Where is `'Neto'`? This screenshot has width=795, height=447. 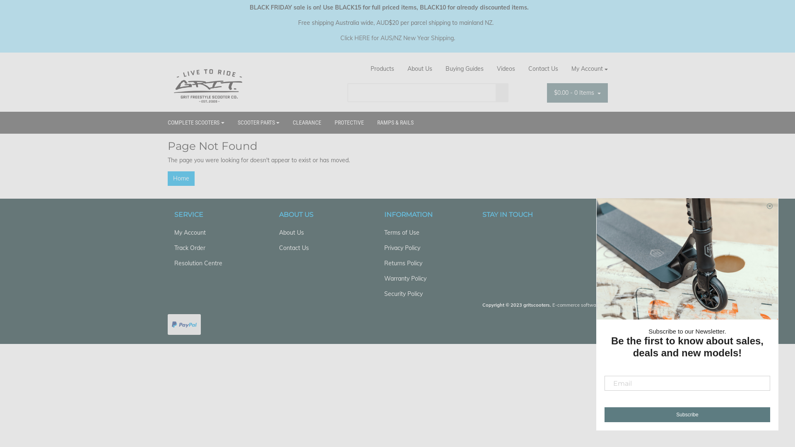
'Neto' is located at coordinates (613, 305).